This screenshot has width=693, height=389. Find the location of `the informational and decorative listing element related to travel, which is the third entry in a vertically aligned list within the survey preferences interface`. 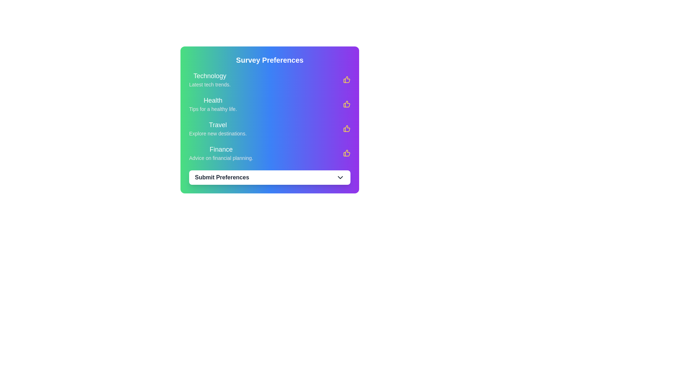

the informational and decorative listing element related to travel, which is the third entry in a vertically aligned list within the survey preferences interface is located at coordinates (217, 128).